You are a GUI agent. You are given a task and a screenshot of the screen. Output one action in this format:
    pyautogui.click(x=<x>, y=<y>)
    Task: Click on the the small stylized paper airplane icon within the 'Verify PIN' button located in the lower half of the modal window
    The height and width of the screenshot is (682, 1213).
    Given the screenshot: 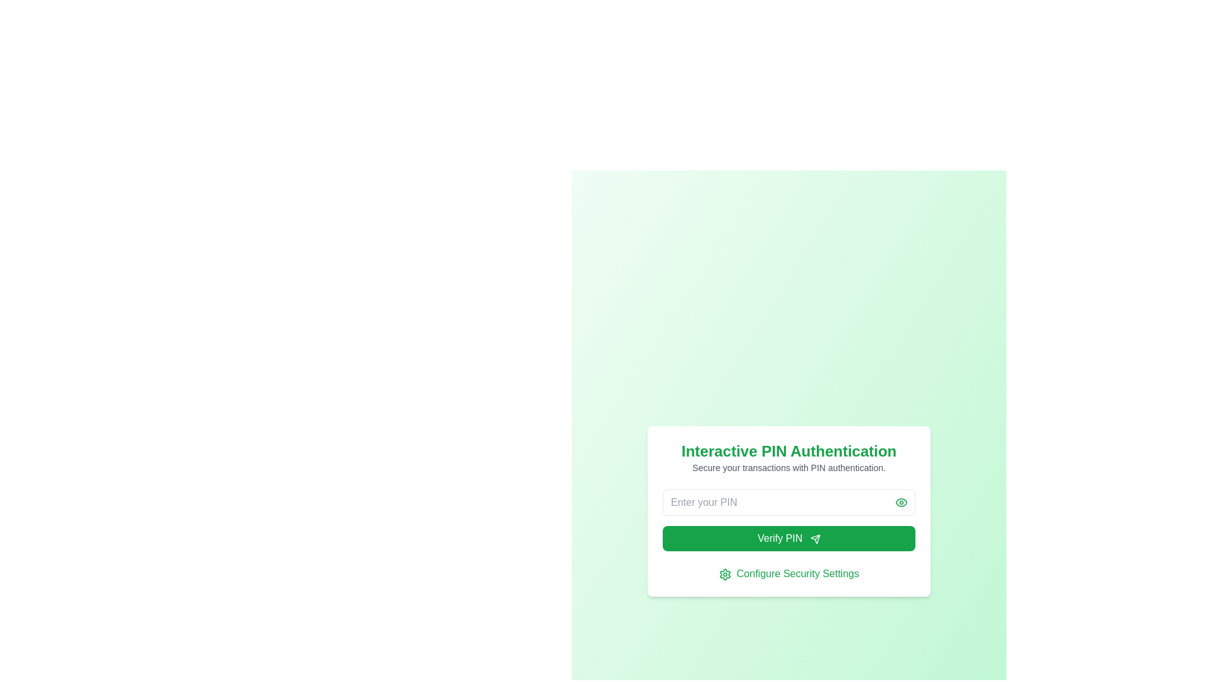 What is the action you would take?
    pyautogui.click(x=815, y=539)
    